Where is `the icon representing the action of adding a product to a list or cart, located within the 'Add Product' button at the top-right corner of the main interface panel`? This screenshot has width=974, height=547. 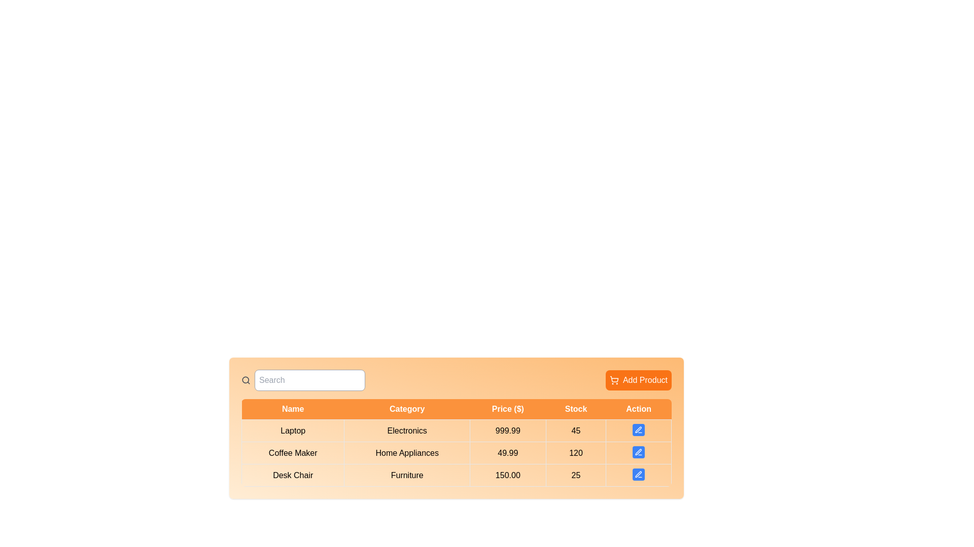
the icon representing the action of adding a product to a list or cart, located within the 'Add Product' button at the top-right corner of the main interface panel is located at coordinates (613, 380).